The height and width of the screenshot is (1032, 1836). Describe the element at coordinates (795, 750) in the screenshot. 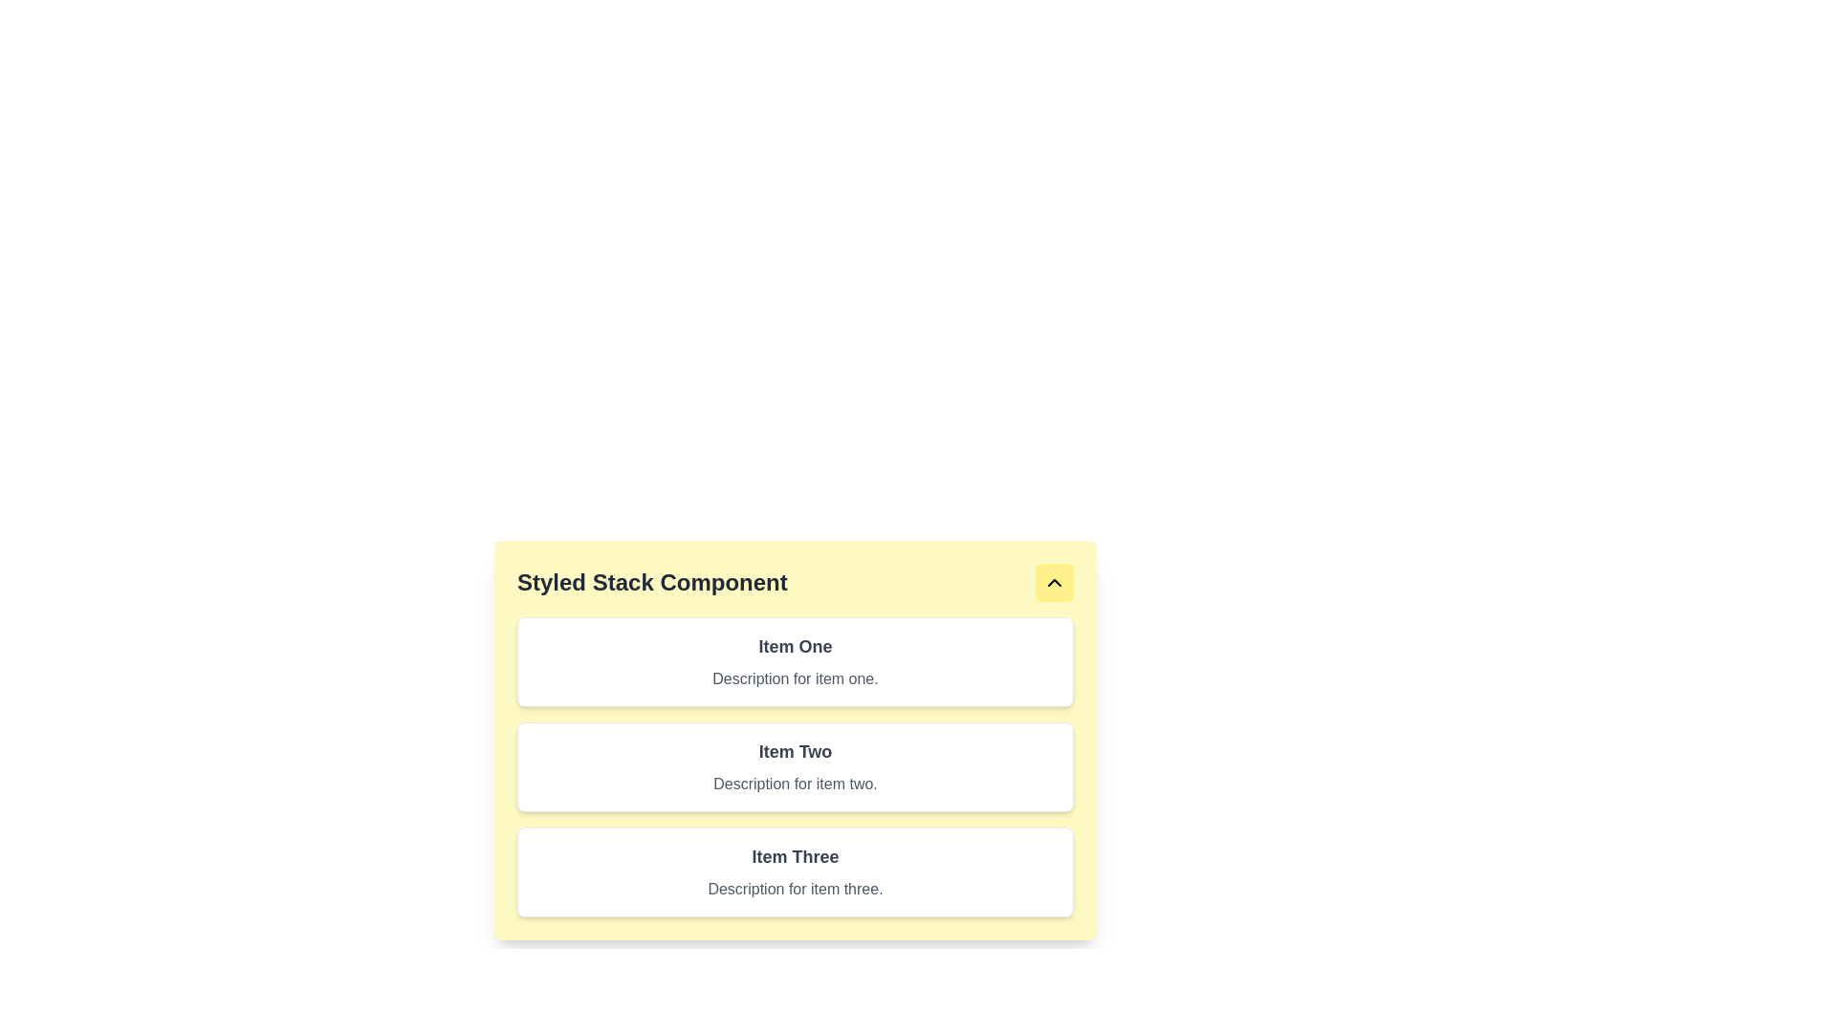

I see `the text label displaying 'Item Two', which is styled with a larger font size, bold weight, and gray color, located at the upper-left side of its containing box` at that location.